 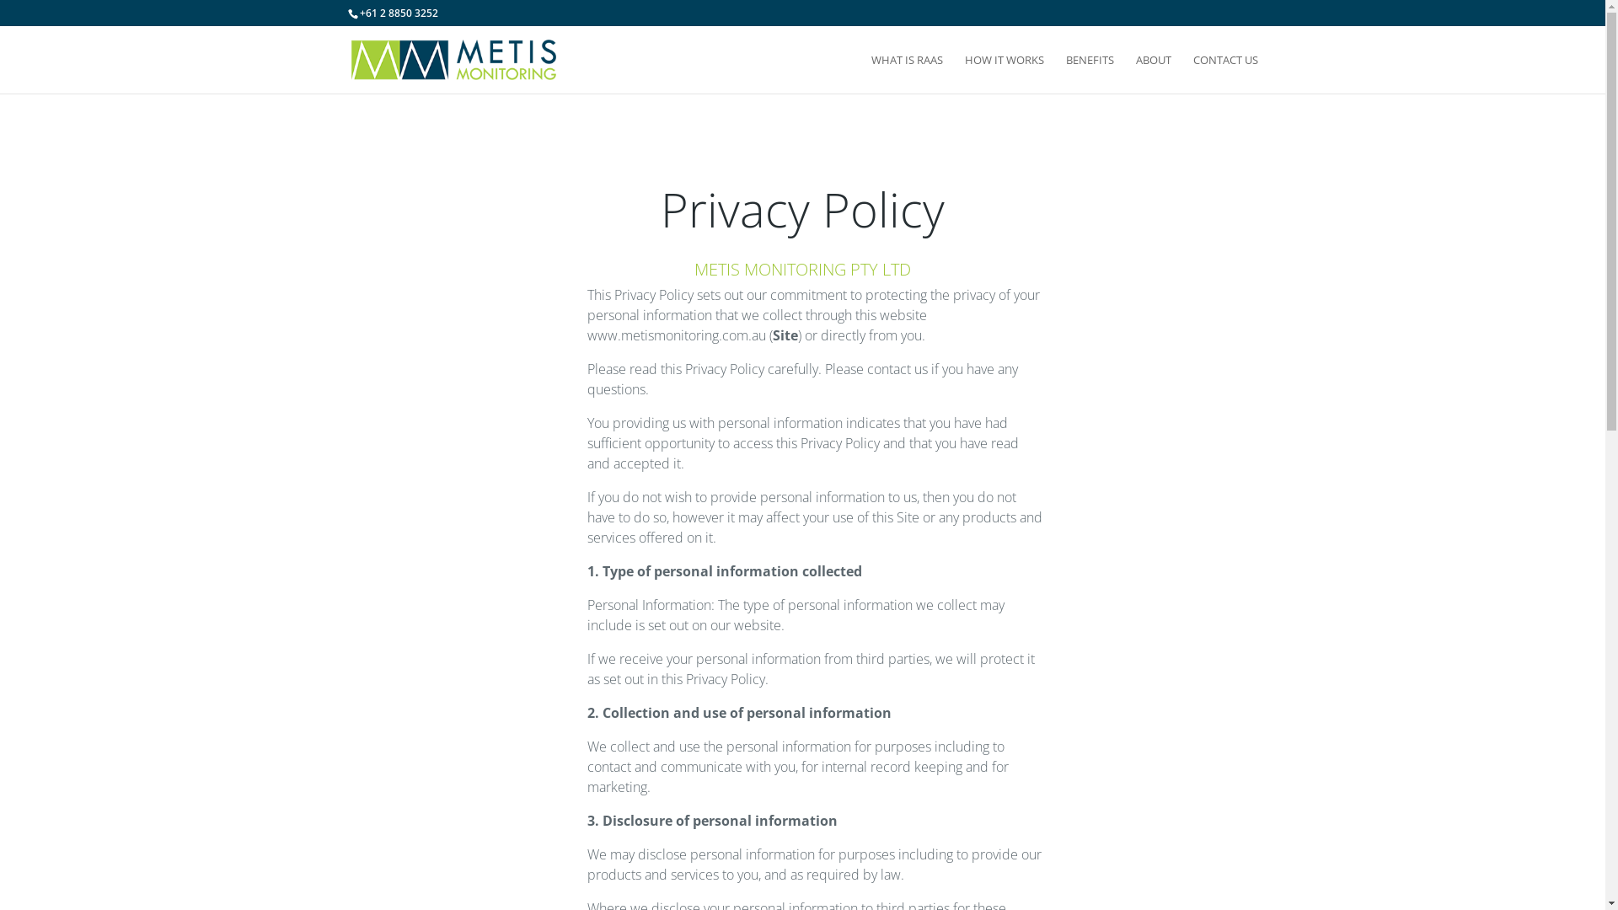 What do you see at coordinates (1063, 72) in the screenshot?
I see `'BENEFITS'` at bounding box center [1063, 72].